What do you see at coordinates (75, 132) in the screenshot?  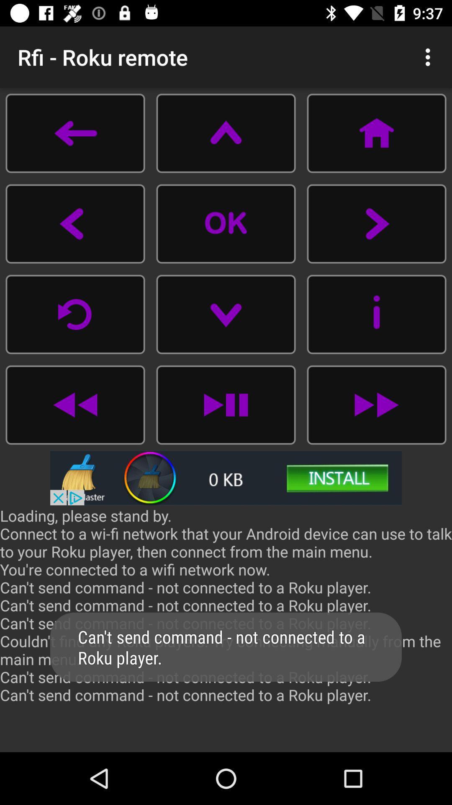 I see `the arrow_backward icon` at bounding box center [75, 132].